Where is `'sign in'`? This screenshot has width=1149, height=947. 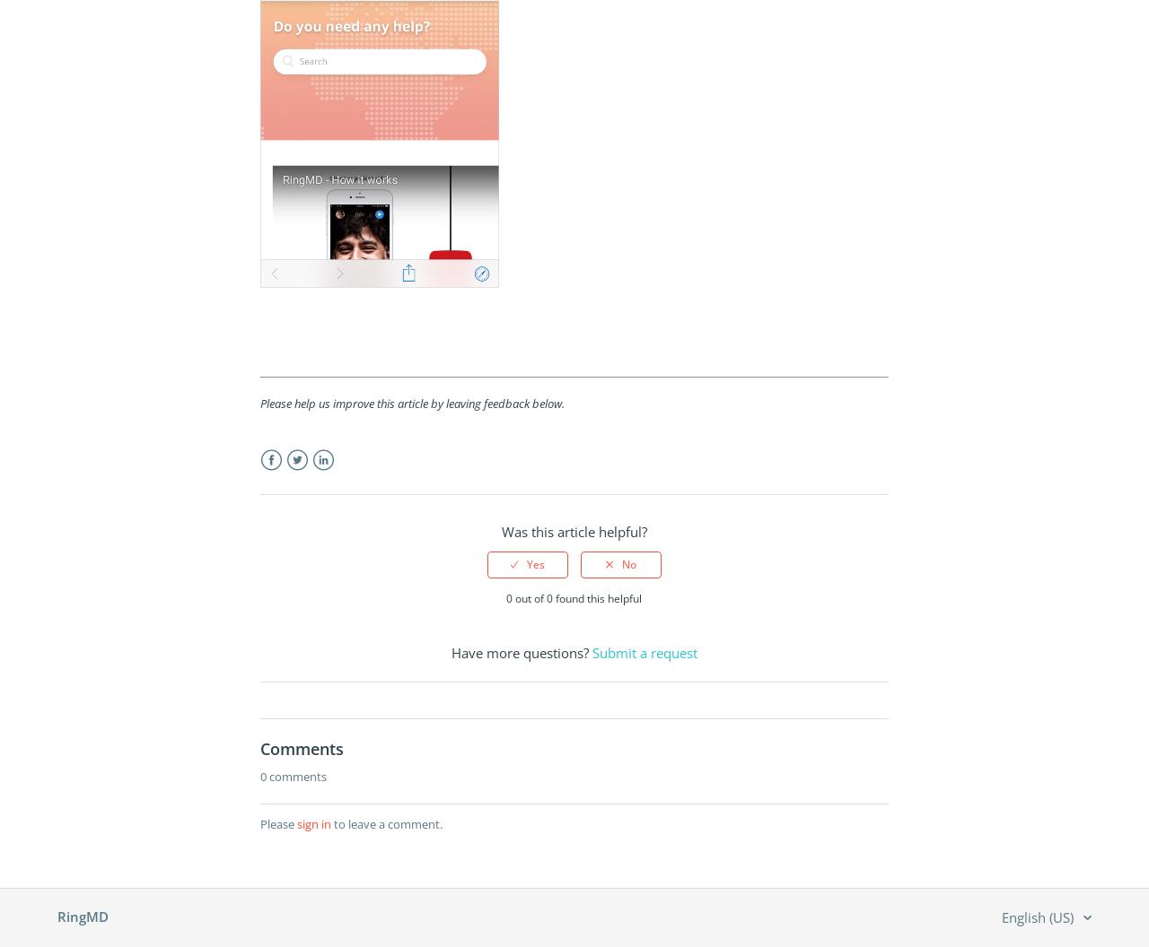 'sign in' is located at coordinates (313, 823).